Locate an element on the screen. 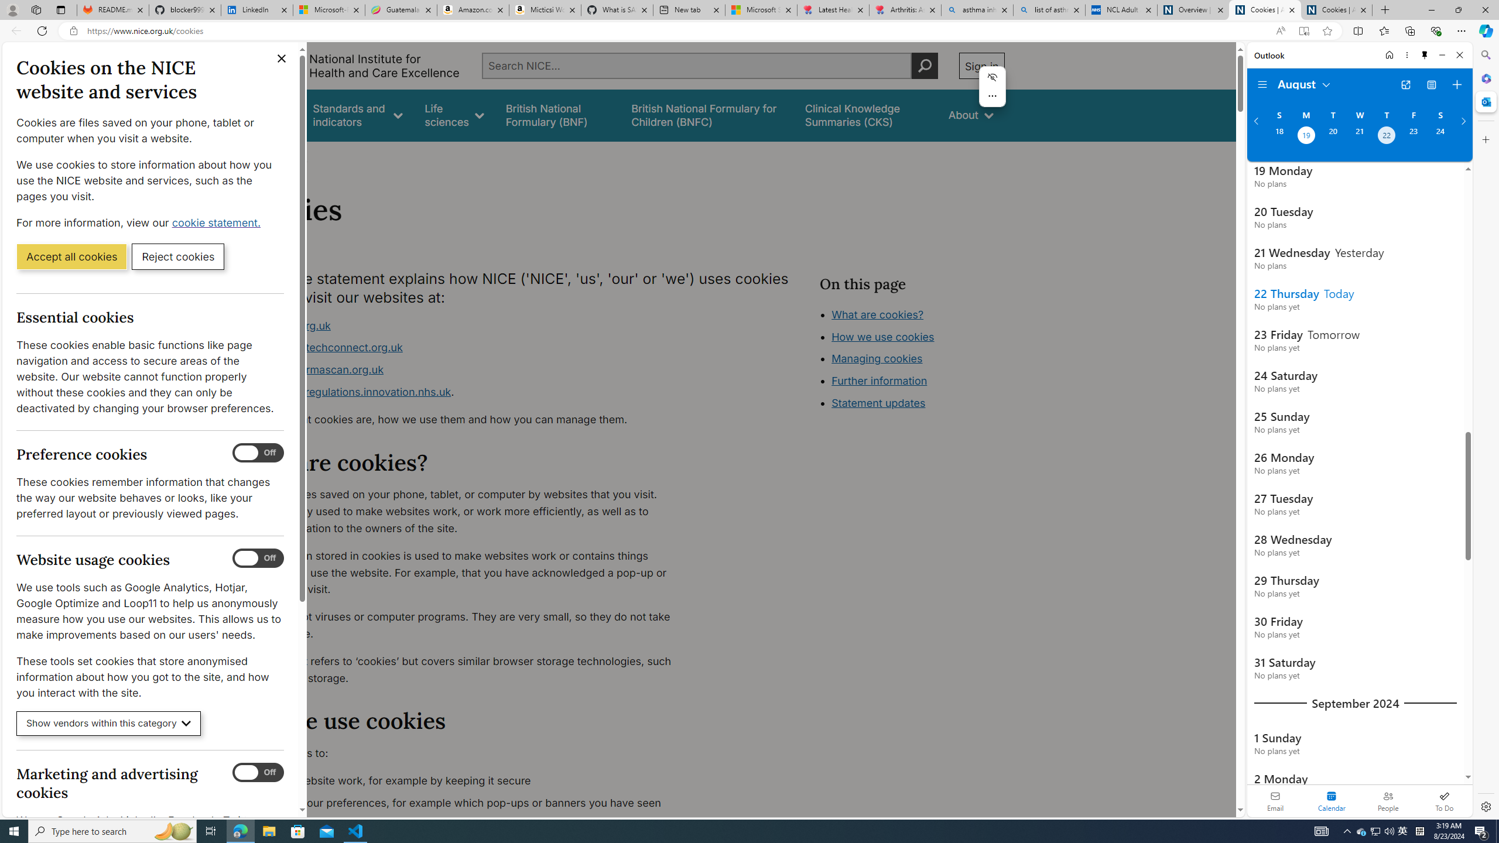 This screenshot has width=1499, height=843. 'Home>' is located at coordinates (253, 157).